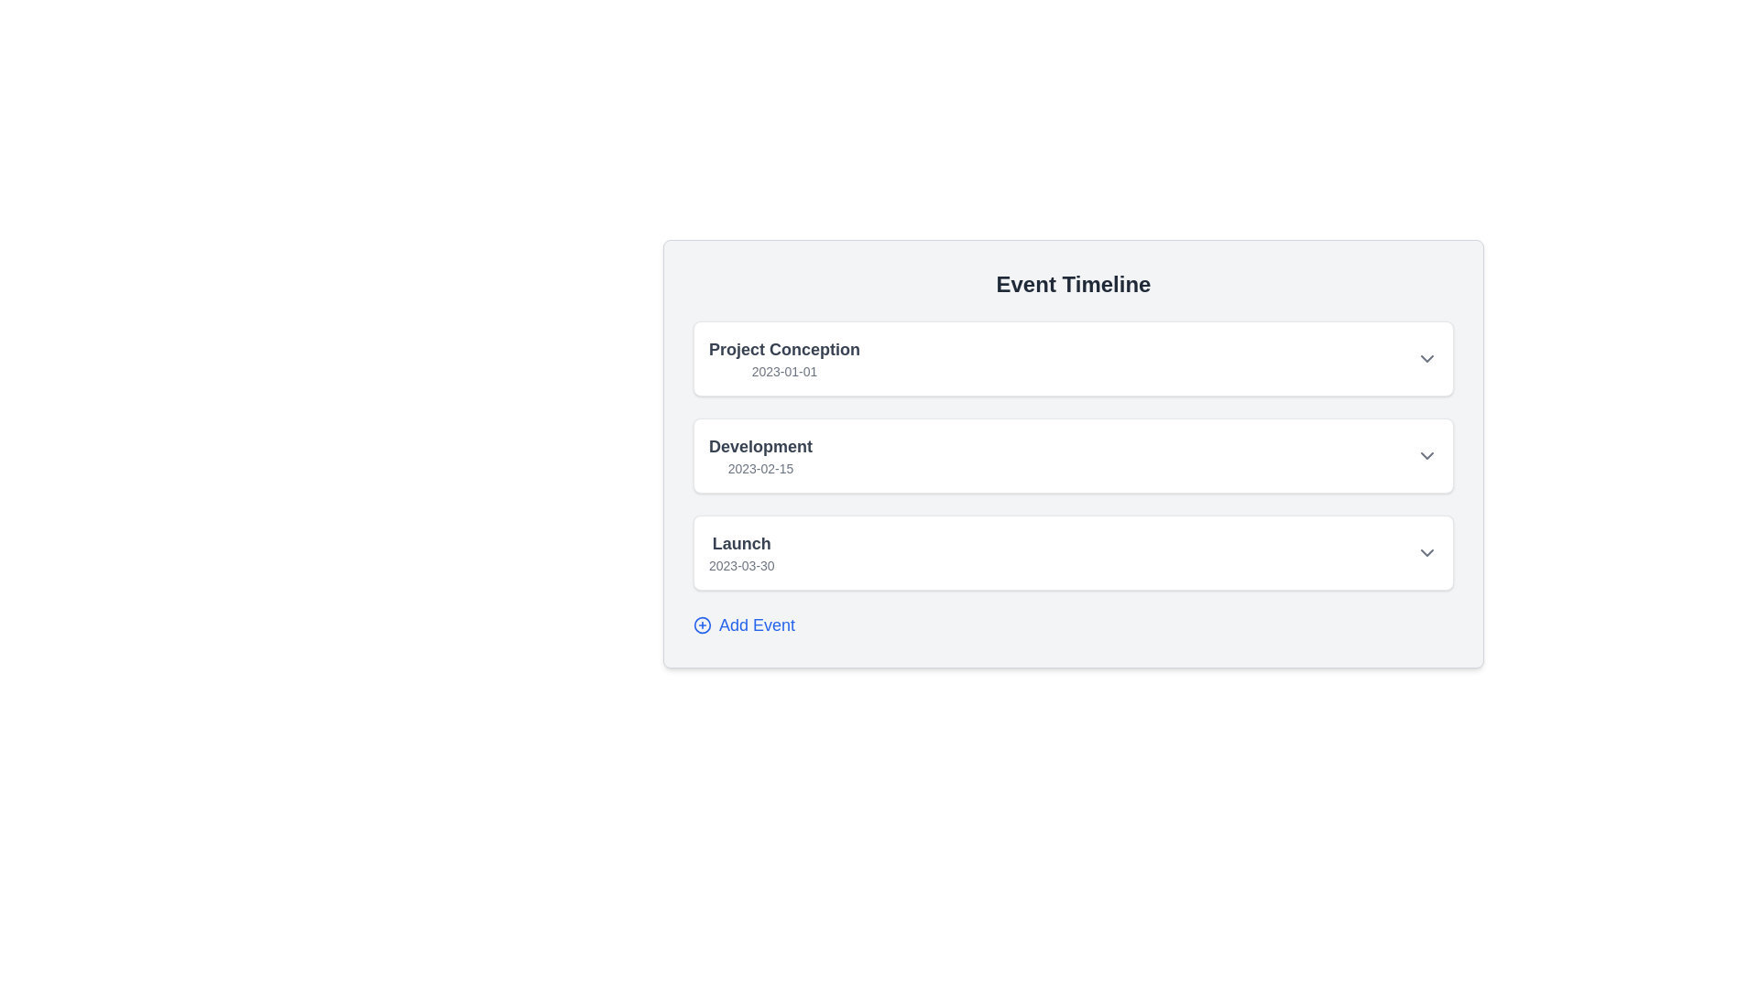 Image resolution: width=1759 pixels, height=989 pixels. What do you see at coordinates (1426, 359) in the screenshot?
I see `the chevron icon at the right end of the 'Project Conception' header` at bounding box center [1426, 359].